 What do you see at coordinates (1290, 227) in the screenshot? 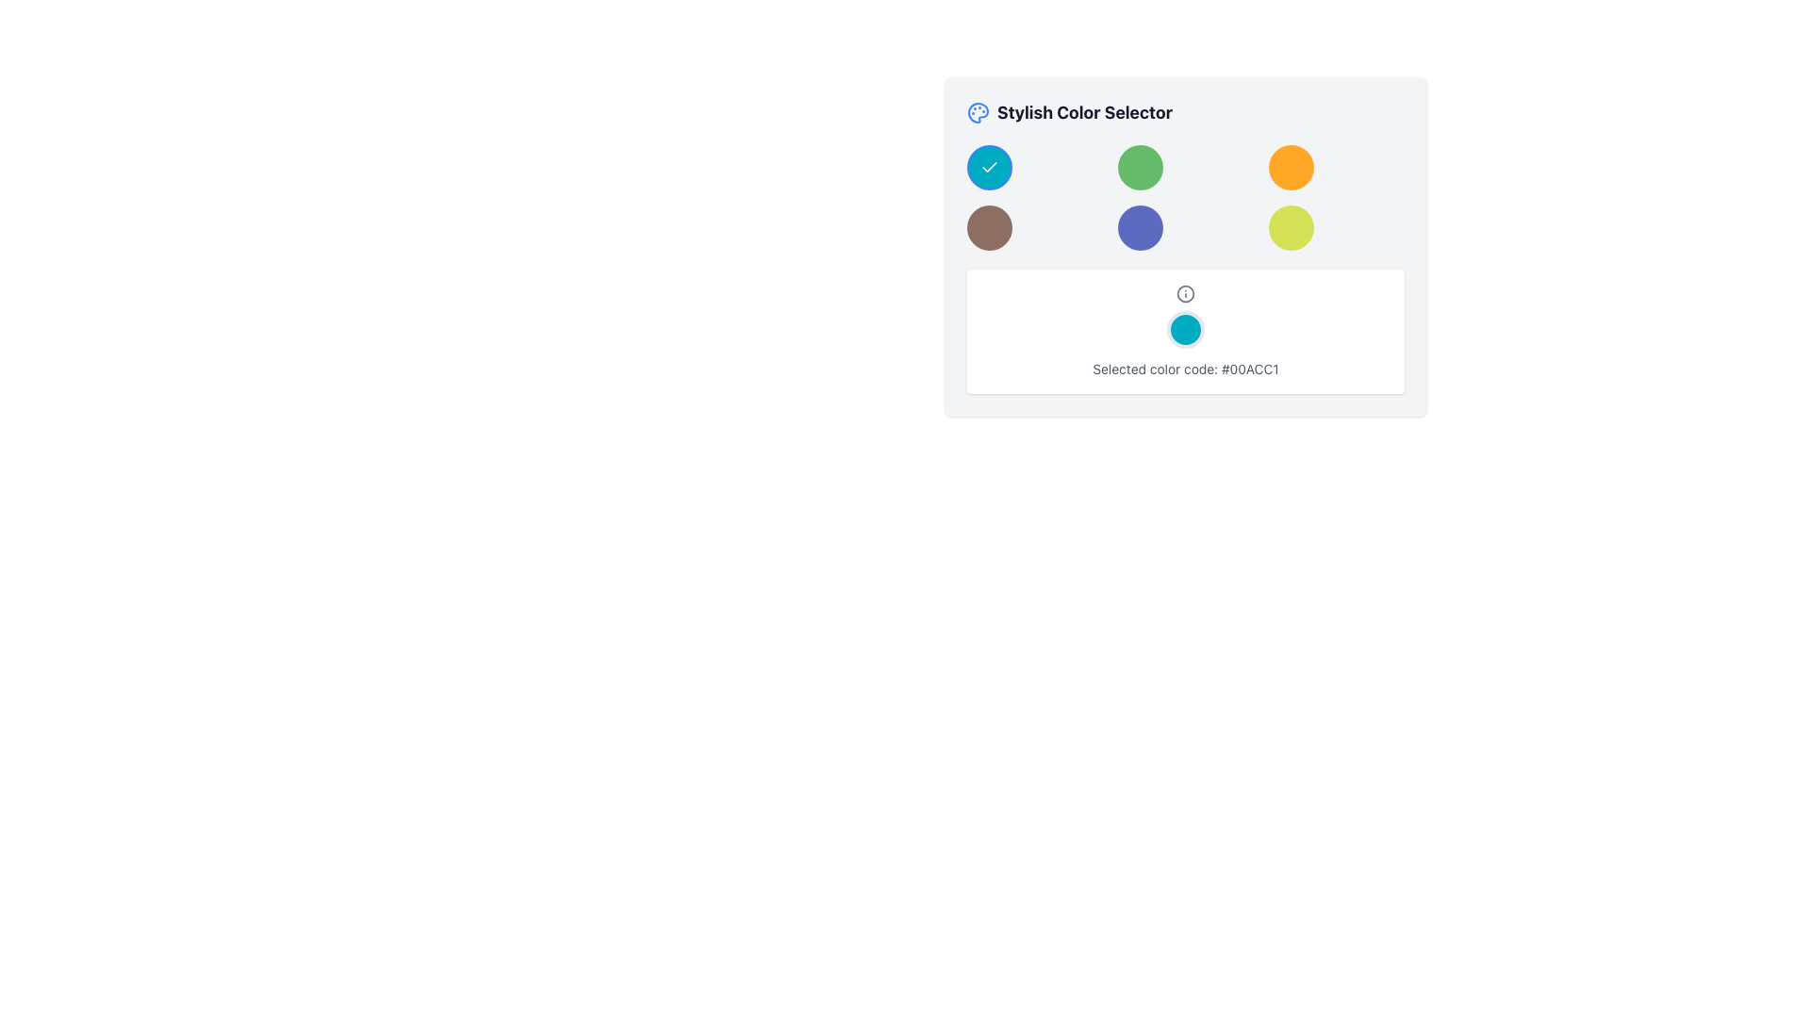
I see `the color selection button located in the bottom-right corner of a 3x3 grid, which is the third circular button in the last row` at bounding box center [1290, 227].